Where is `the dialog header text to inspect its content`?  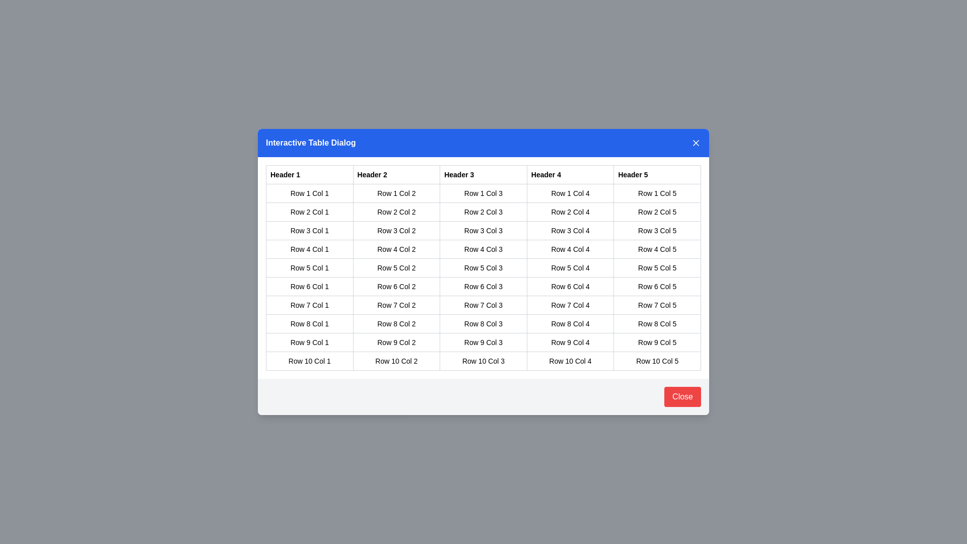 the dialog header text to inspect its content is located at coordinates (483, 143).